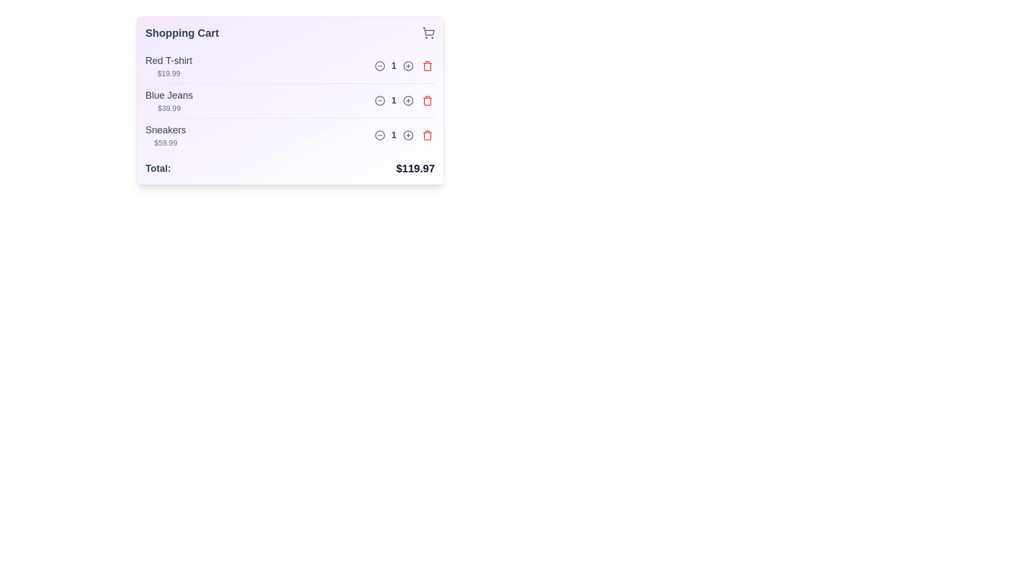  What do you see at coordinates (168, 61) in the screenshot?
I see `the text label representing the product name 'Red T-shirt' in the shopping cart interface, which is located at the upper-left corner above the price of '$19.99'` at bounding box center [168, 61].